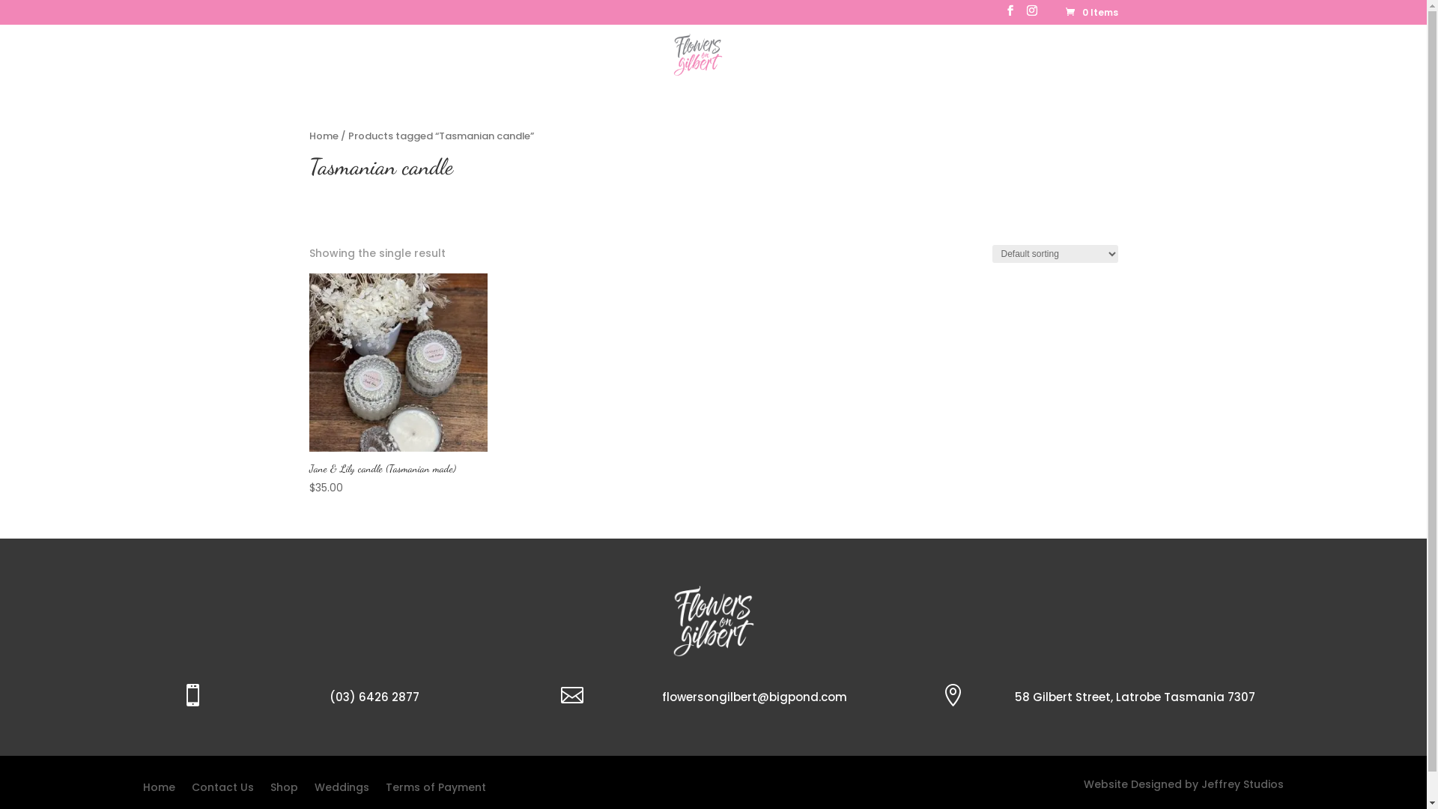 This screenshot has width=1438, height=809. Describe the element at coordinates (398, 384) in the screenshot. I see `'Jane & Lily candle (Tasmanian made)` at that location.